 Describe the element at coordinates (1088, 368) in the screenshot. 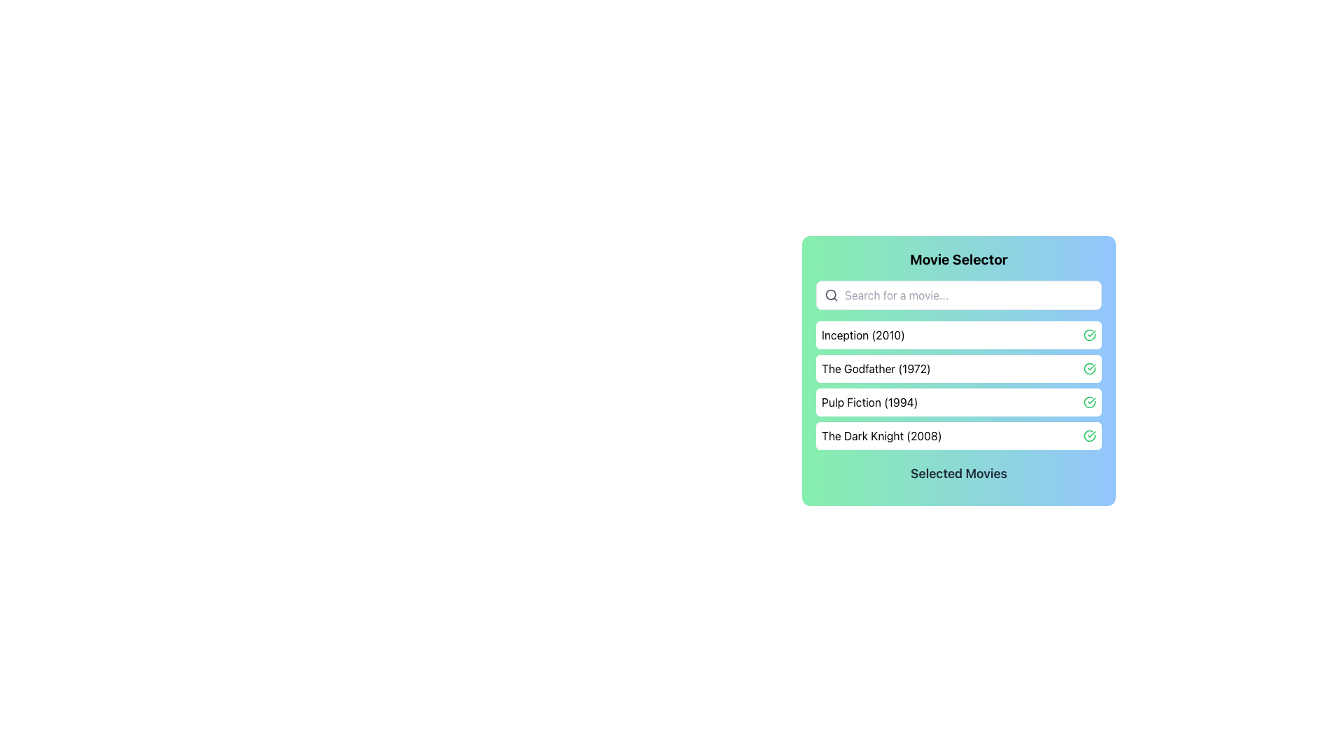

I see `the visual state of the graphical status indicator located next to the movie title 'The Godfather (1972)', which is represented as a partial circular progress indicator` at that location.